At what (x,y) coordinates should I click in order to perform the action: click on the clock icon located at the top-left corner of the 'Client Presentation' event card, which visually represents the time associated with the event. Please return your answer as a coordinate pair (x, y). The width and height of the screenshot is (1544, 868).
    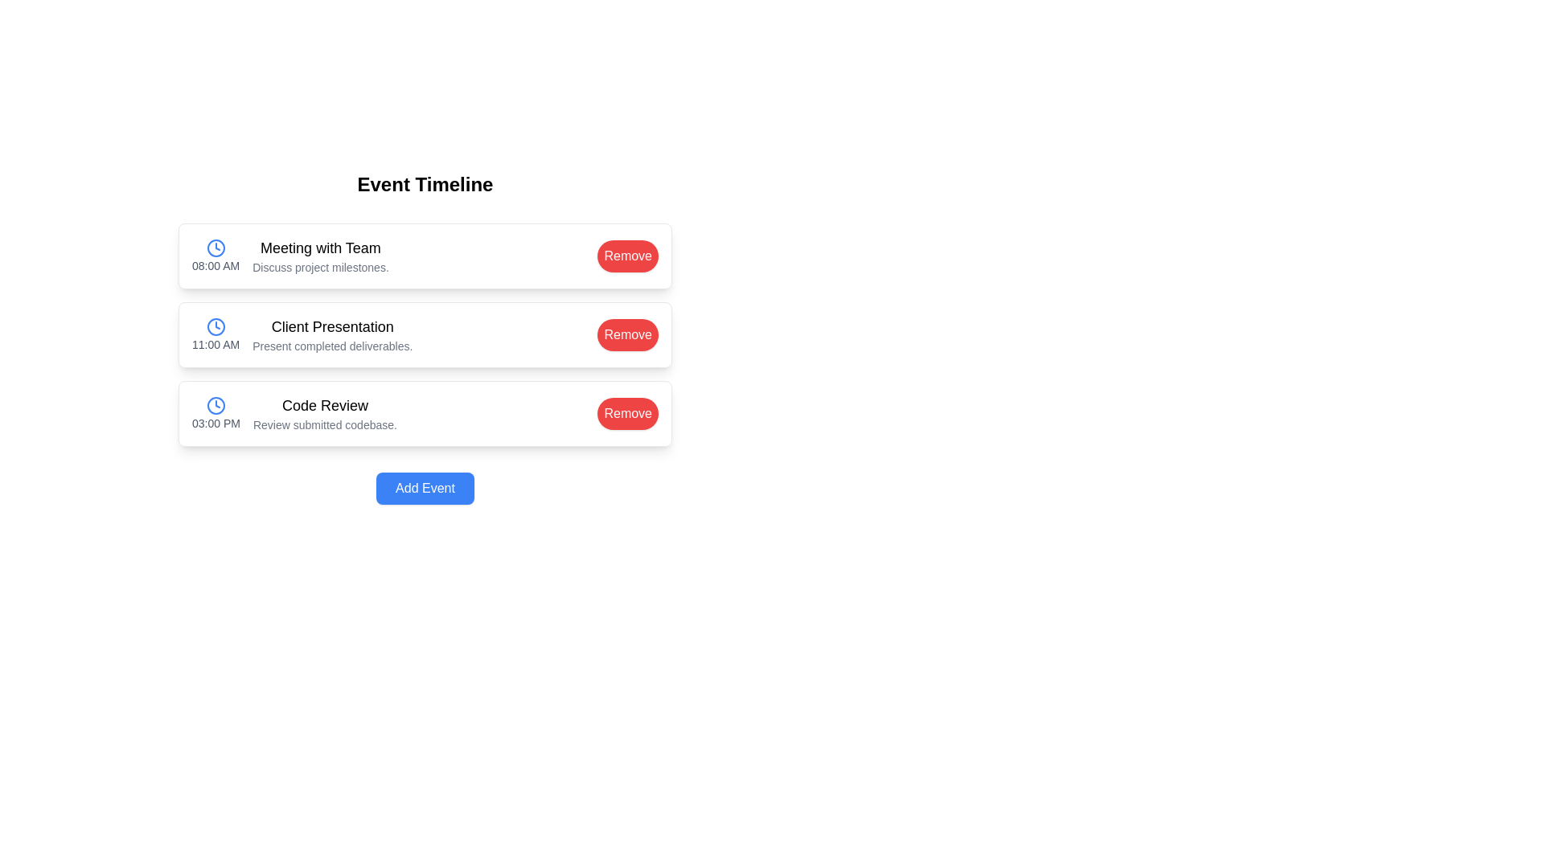
    Looking at the image, I should click on (215, 326).